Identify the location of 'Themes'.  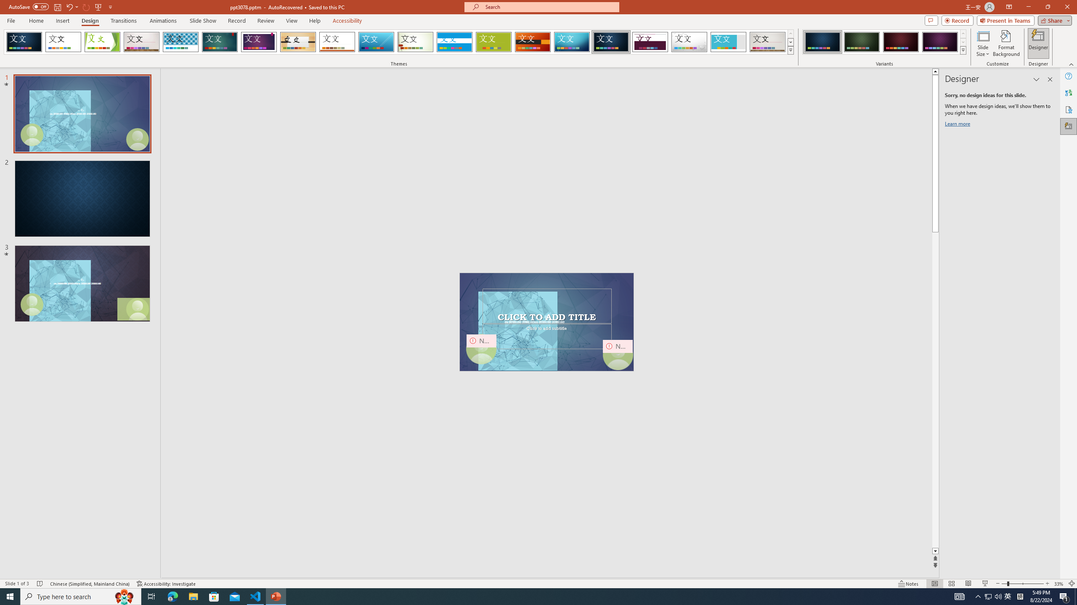
(791, 50).